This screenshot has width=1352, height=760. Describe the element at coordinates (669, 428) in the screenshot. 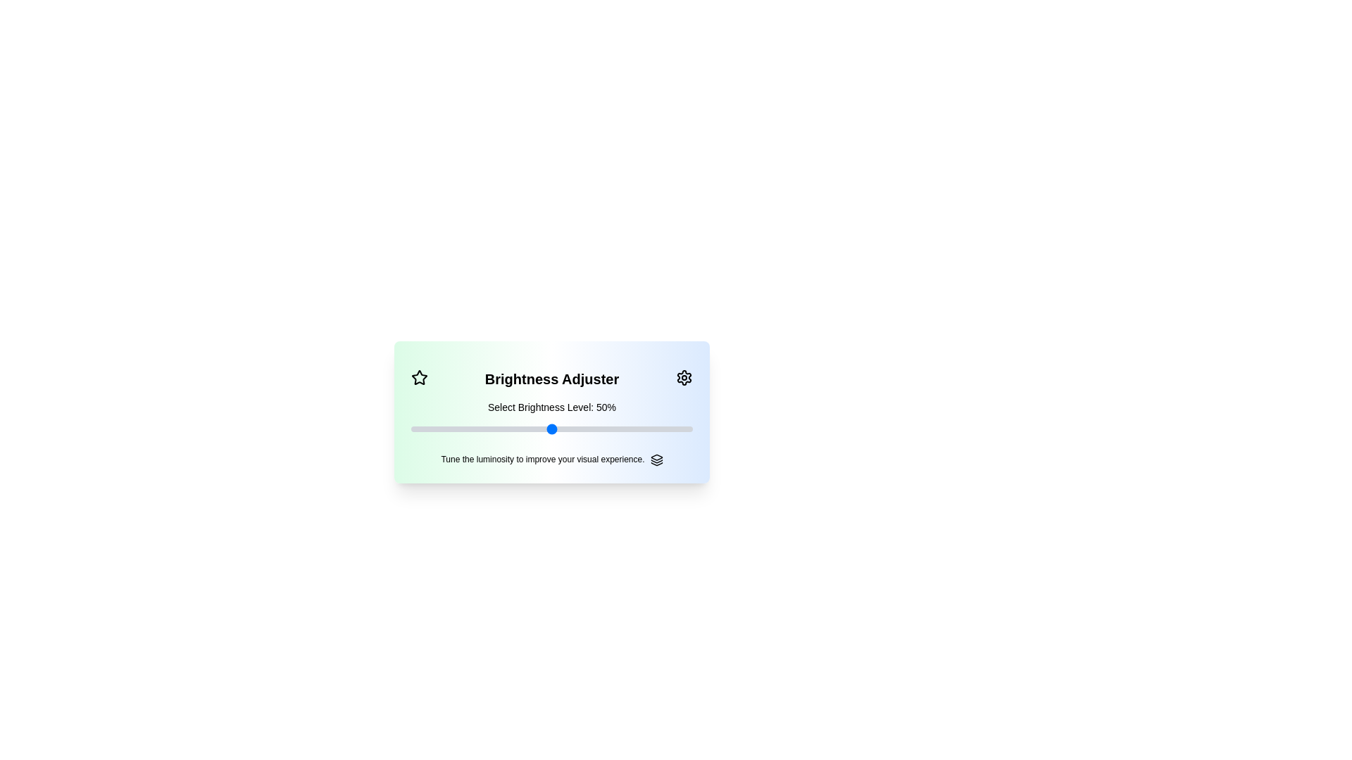

I see `the brightness level to 92% by moving the slider` at that location.